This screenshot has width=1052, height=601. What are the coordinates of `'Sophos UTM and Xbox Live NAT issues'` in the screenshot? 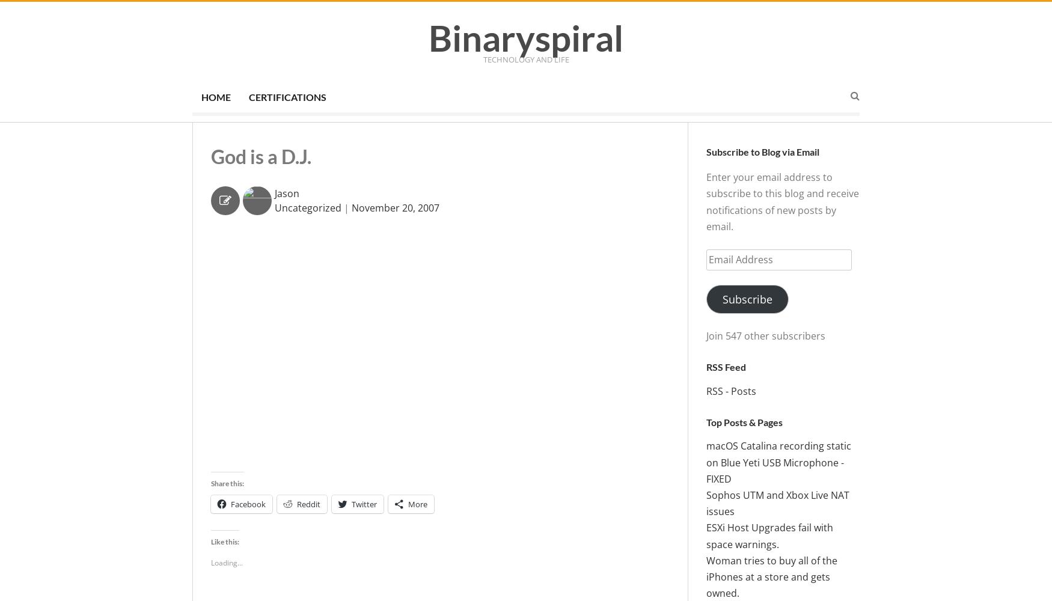 It's located at (777, 502).